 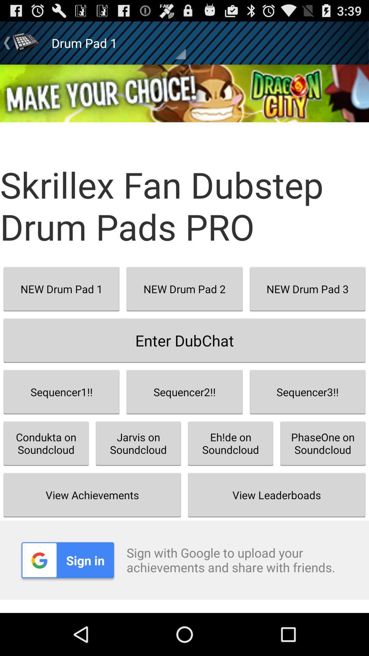 What do you see at coordinates (68, 560) in the screenshot?
I see `the sign in icon` at bounding box center [68, 560].